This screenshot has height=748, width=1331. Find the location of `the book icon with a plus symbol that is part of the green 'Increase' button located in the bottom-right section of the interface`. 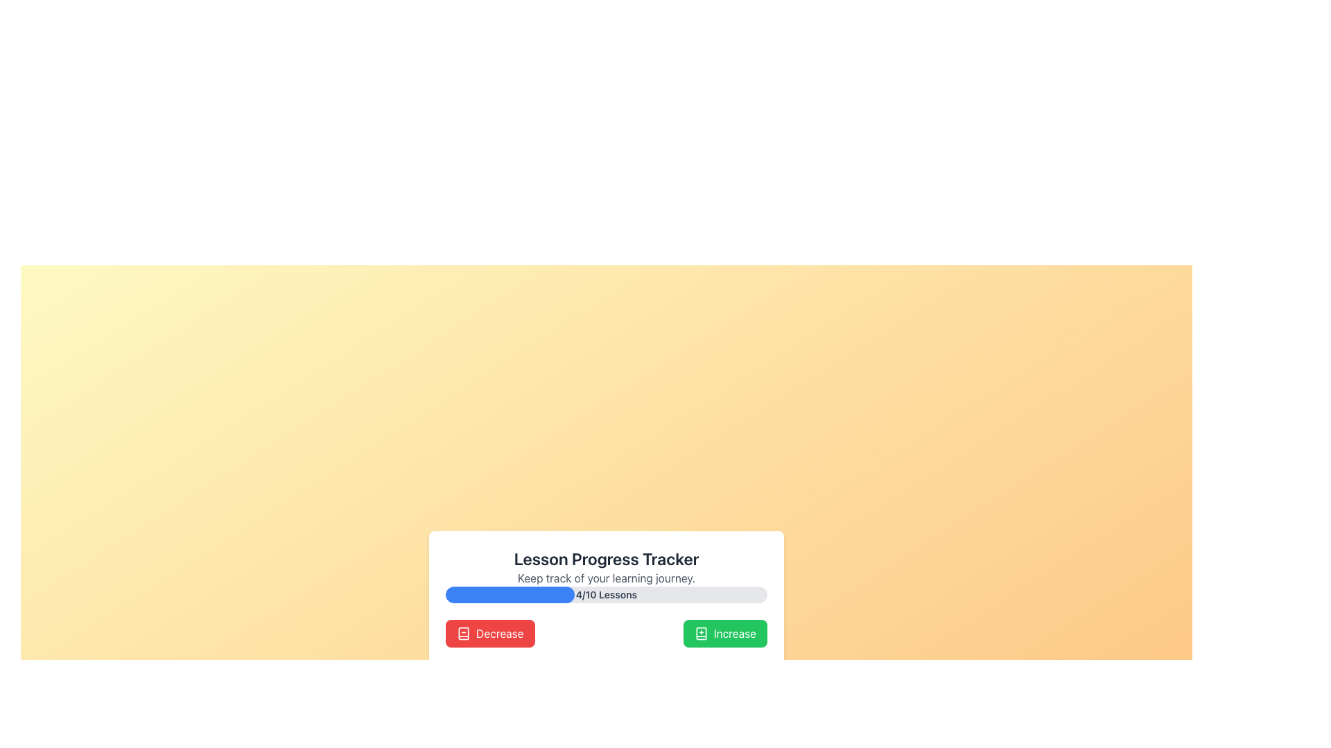

the book icon with a plus symbol that is part of the green 'Increase' button located in the bottom-right section of the interface is located at coordinates (701, 633).